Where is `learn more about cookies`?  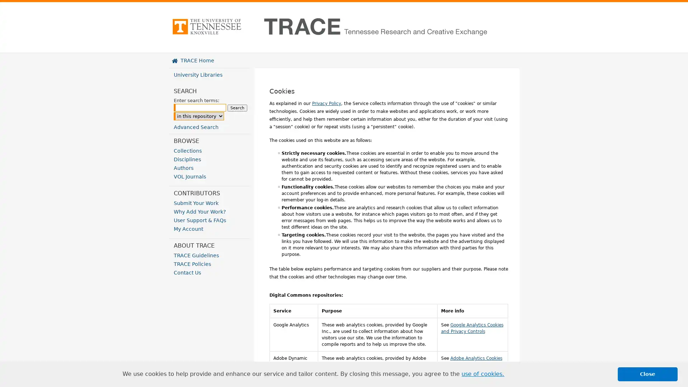 learn more about cookies is located at coordinates (483, 374).